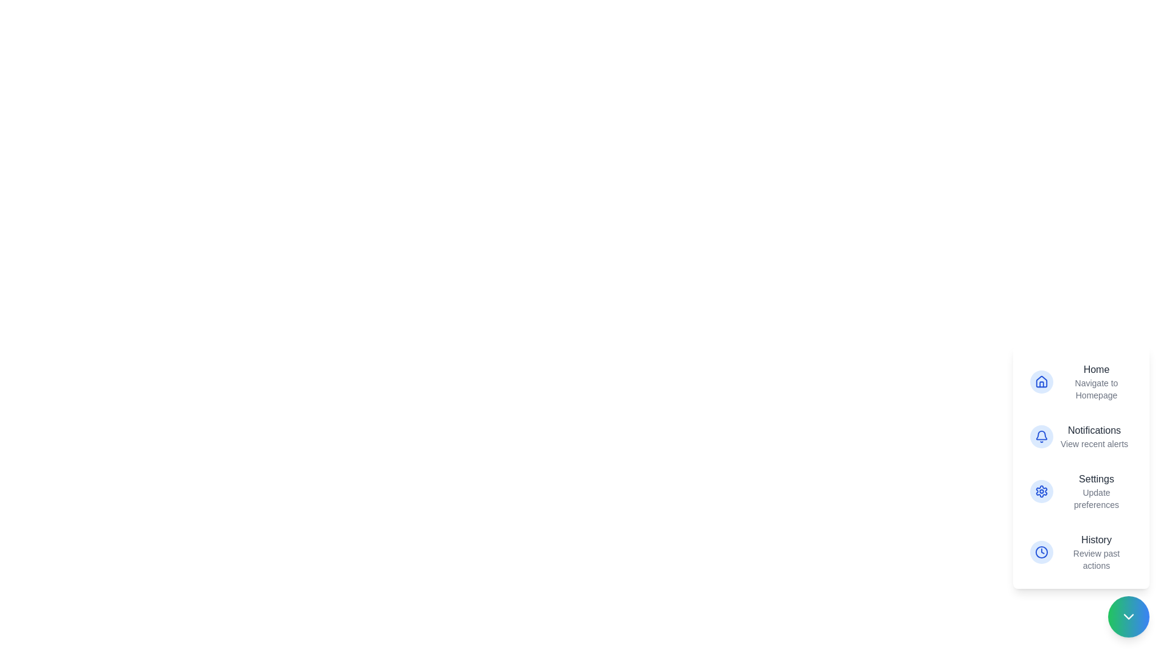 This screenshot has width=1169, height=657. What do you see at coordinates (1081, 552) in the screenshot?
I see `the action item labeled History` at bounding box center [1081, 552].